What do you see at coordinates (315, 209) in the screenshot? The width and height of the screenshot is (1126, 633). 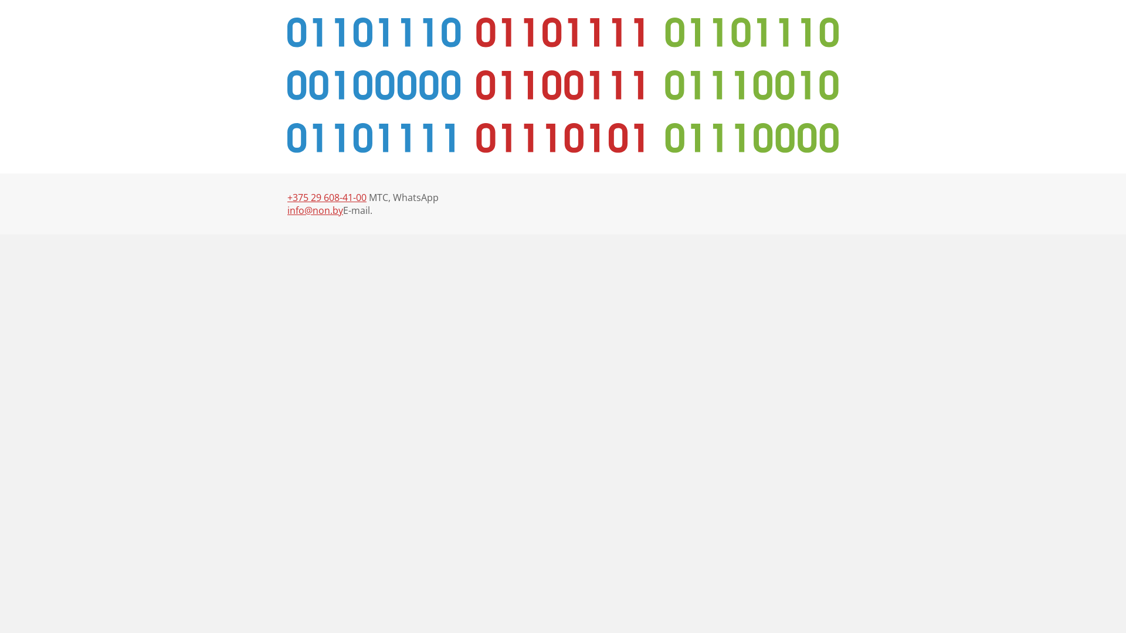 I see `'info@non.by'` at bounding box center [315, 209].